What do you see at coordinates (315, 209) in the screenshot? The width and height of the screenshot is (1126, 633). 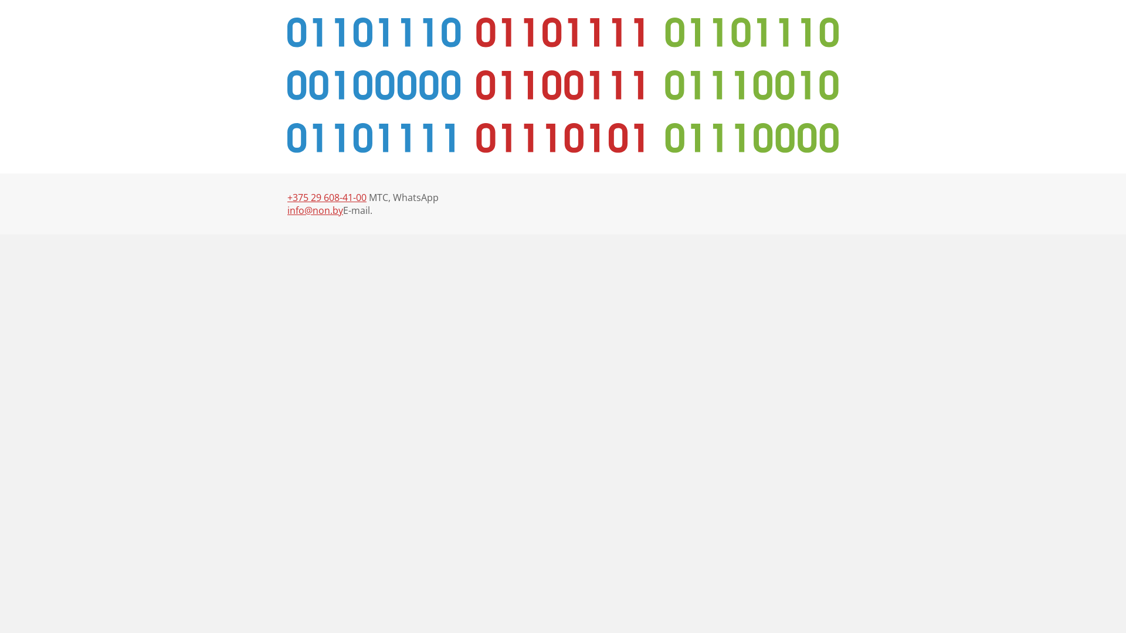 I see `'info@non.by'` at bounding box center [315, 209].